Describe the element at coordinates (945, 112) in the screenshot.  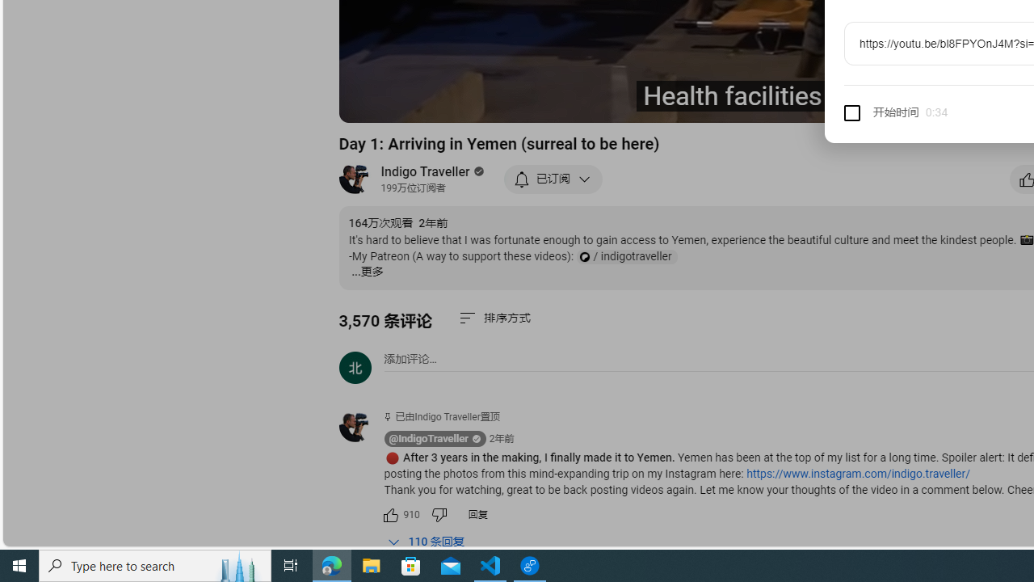
I see `'Class: style-scope tp-yt-paper-input'` at that location.